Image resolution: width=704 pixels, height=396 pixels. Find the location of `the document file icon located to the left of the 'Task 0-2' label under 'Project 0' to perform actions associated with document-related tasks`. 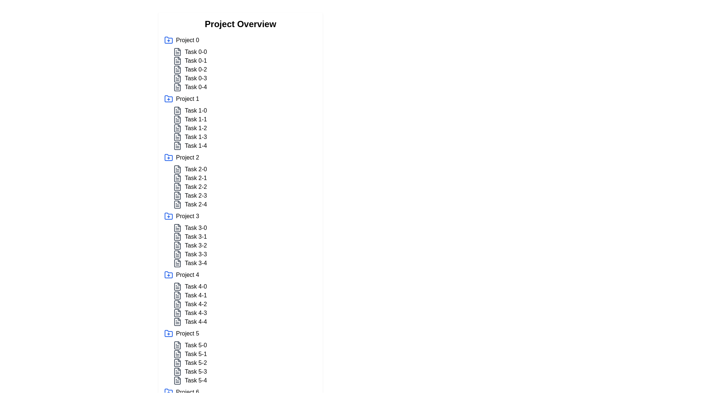

the document file icon located to the left of the 'Task 0-2' label under 'Project 0' to perform actions associated with document-related tasks is located at coordinates (177, 69).